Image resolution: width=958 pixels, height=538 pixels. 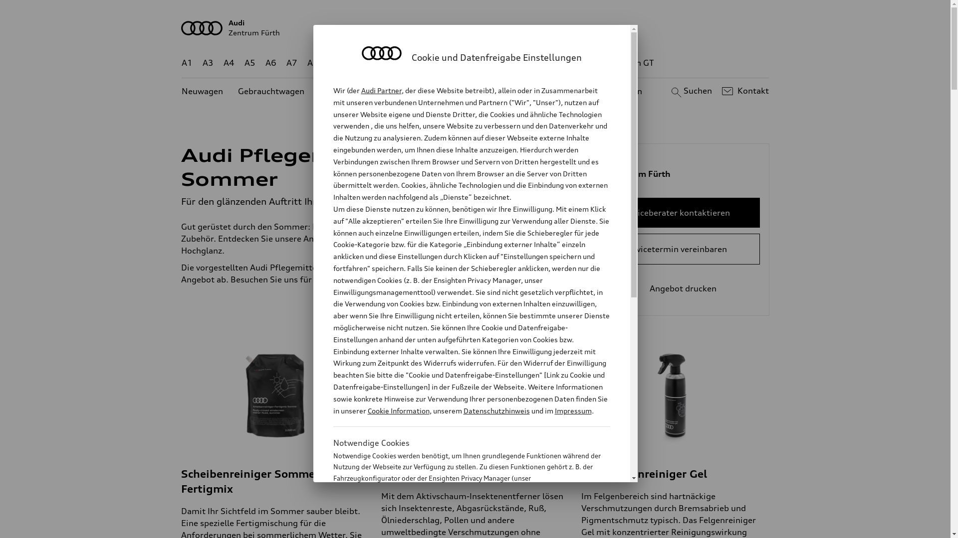 I want to click on 'Impressum', so click(x=573, y=410).